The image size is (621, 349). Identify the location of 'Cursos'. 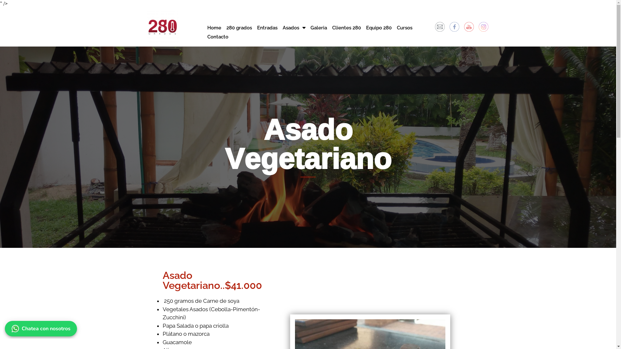
(404, 27).